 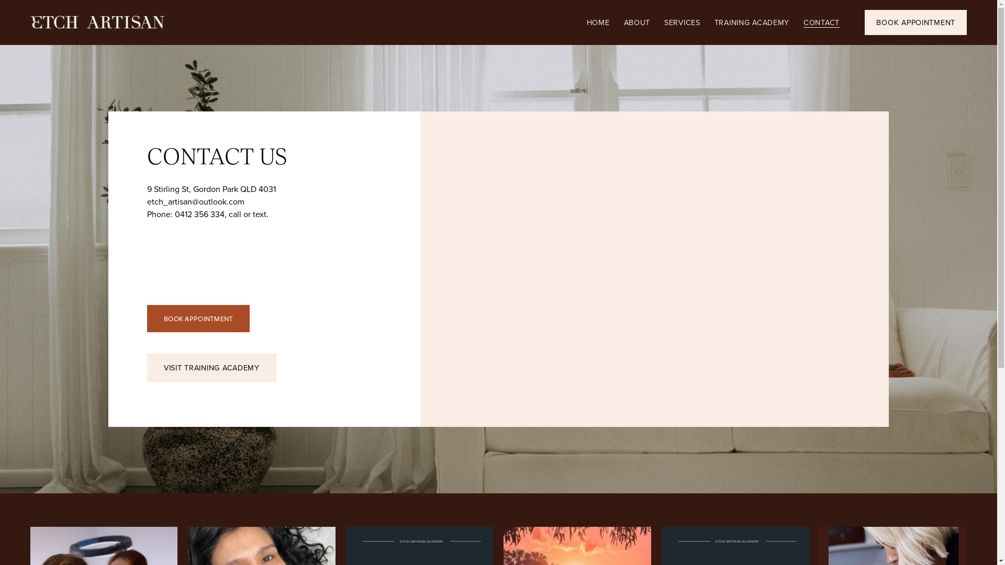 I want to click on 'etch_artisan@outlook.com', so click(x=196, y=201).